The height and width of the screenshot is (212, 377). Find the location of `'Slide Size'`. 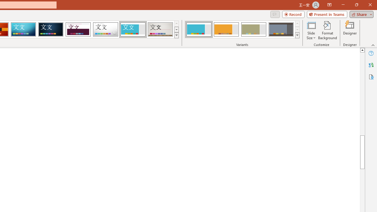

'Slide Size' is located at coordinates (311, 30).